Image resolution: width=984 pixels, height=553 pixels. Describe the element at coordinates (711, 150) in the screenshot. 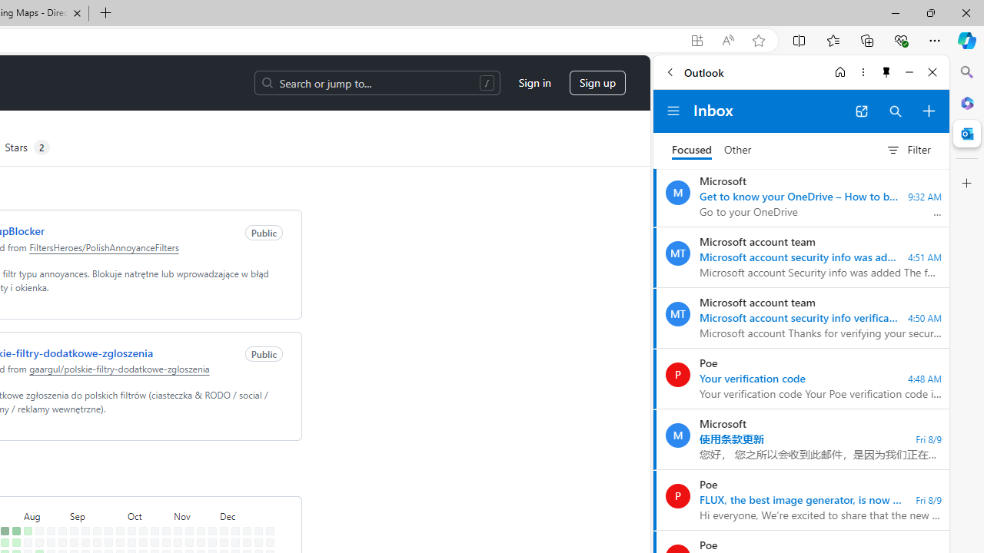

I see `'Focused Inbox, toggle to go to Other Inbox'` at that location.